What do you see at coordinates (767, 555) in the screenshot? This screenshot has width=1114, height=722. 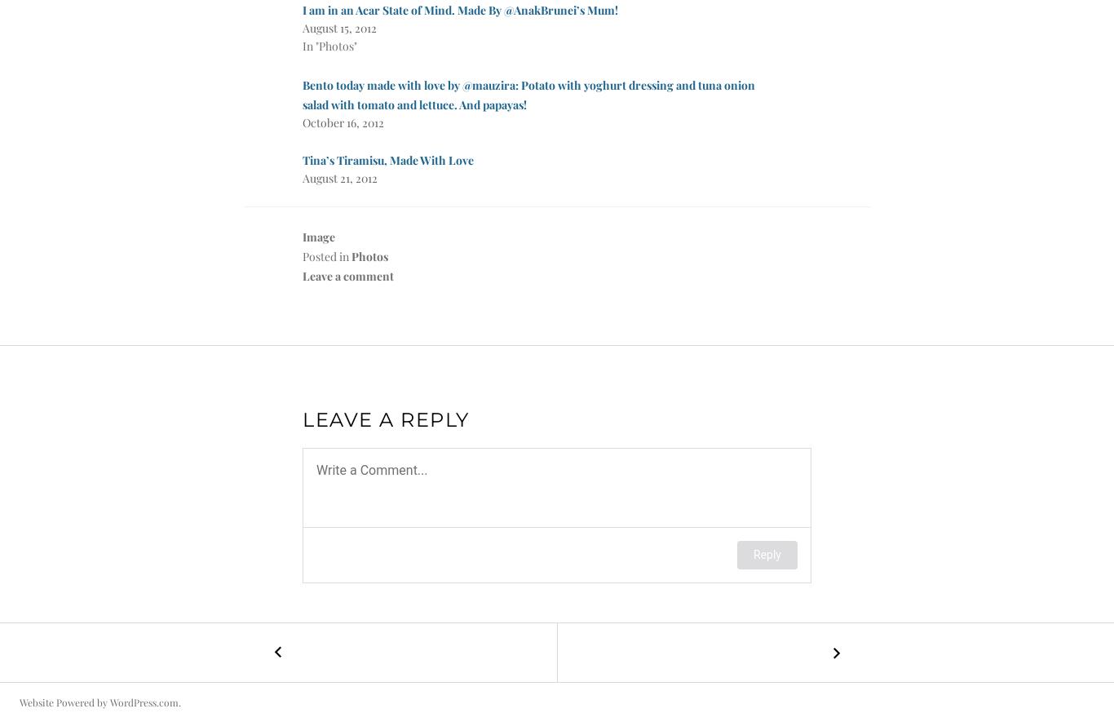 I see `'Reply'` at bounding box center [767, 555].